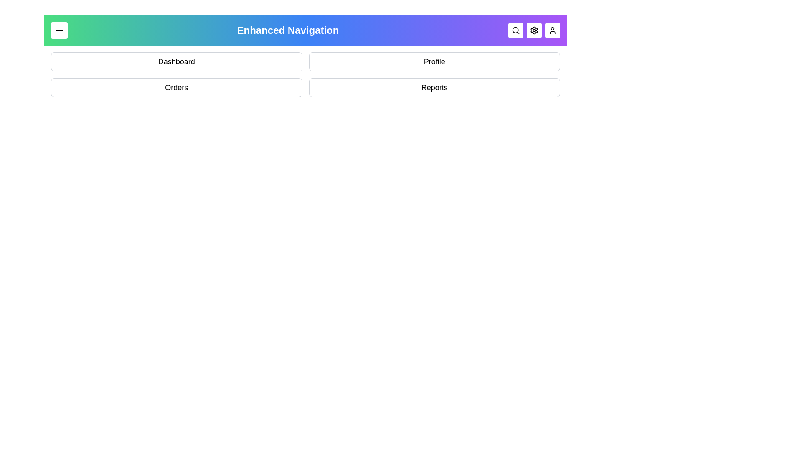 The height and width of the screenshot is (451, 802). Describe the element at coordinates (434, 61) in the screenshot. I see `the menu item Profile to observe the hover effect` at that location.